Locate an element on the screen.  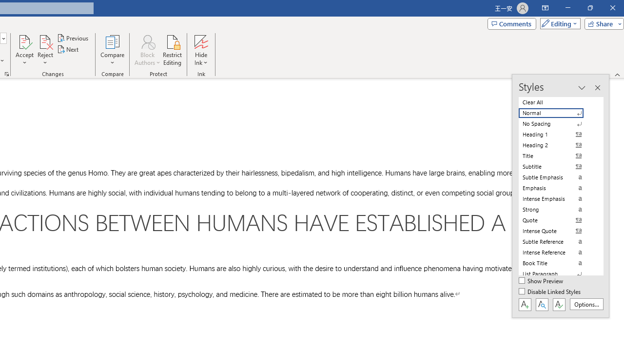
'Change Tracking Options...' is located at coordinates (7, 73).